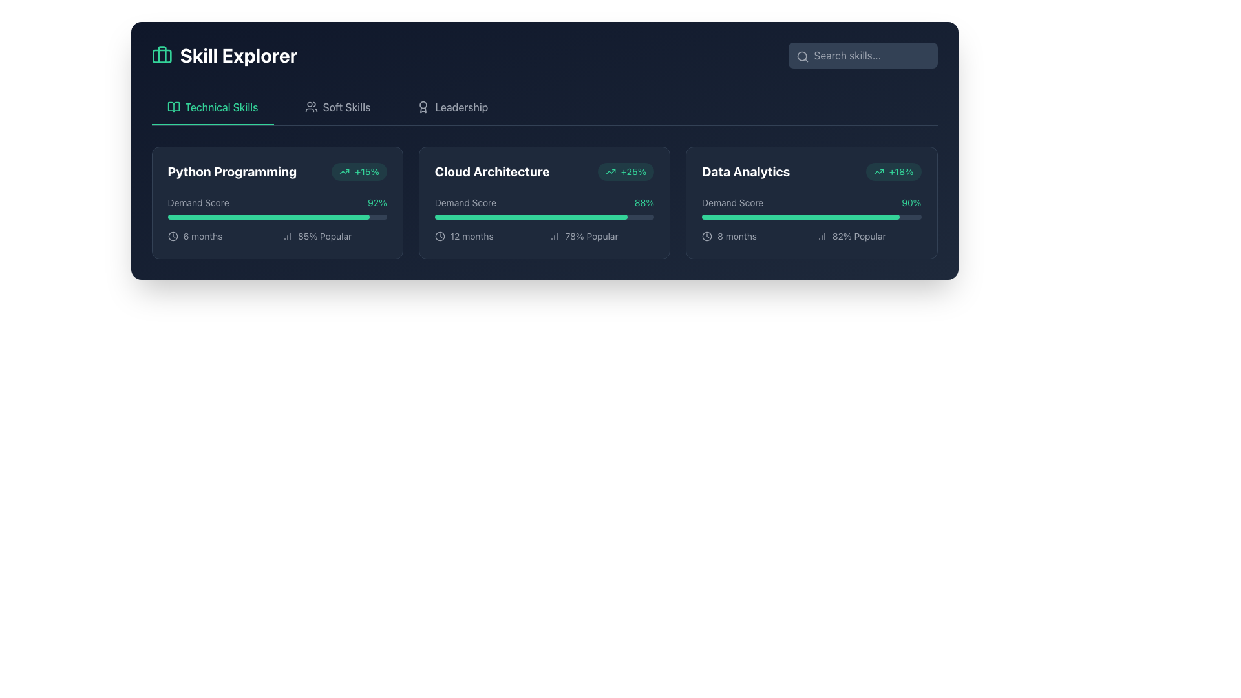 This screenshot has width=1241, height=698. Describe the element at coordinates (746, 171) in the screenshot. I see `the 'Data Analytics' label, which is displayed in bold, white font, located in the top section of the third card from the left` at that location.